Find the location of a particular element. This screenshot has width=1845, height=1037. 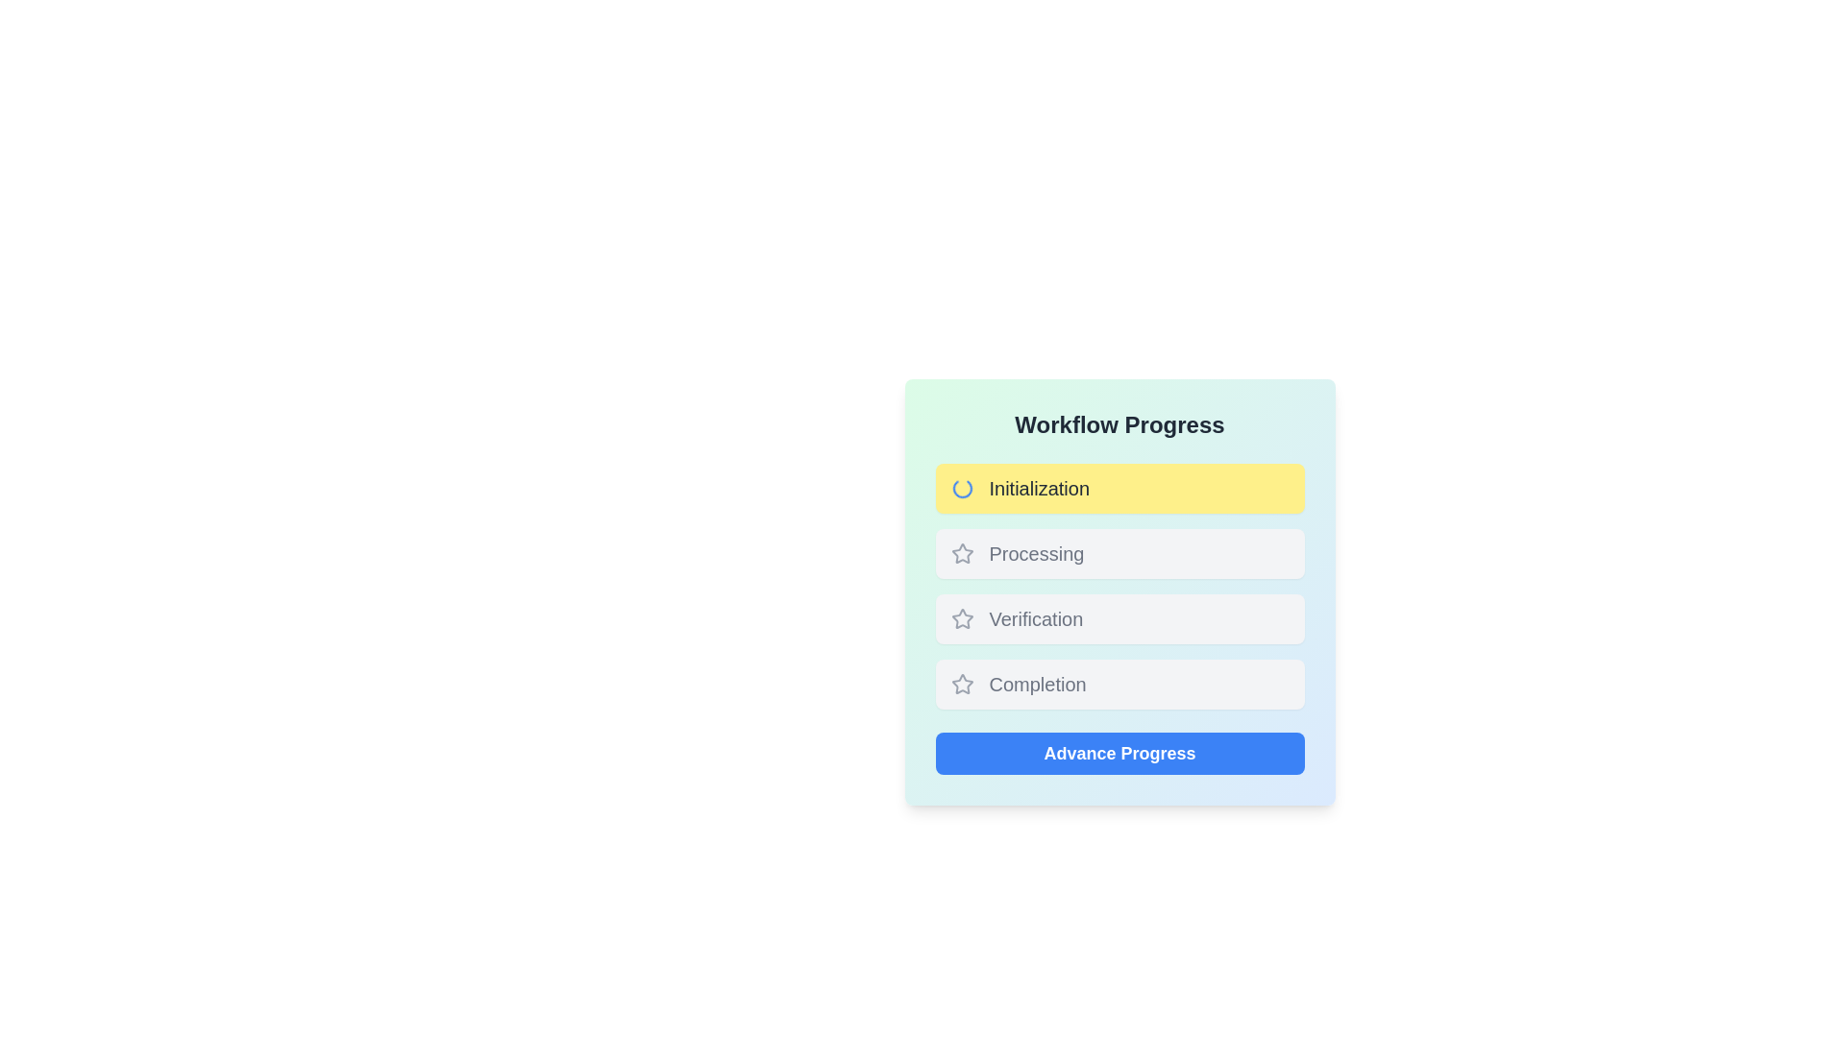

the circular spinner icon with a blue outline and transparent center, located within the yellow background area next to the text 'Initialization' in the 'Workflow Progress' section is located at coordinates (962, 488).